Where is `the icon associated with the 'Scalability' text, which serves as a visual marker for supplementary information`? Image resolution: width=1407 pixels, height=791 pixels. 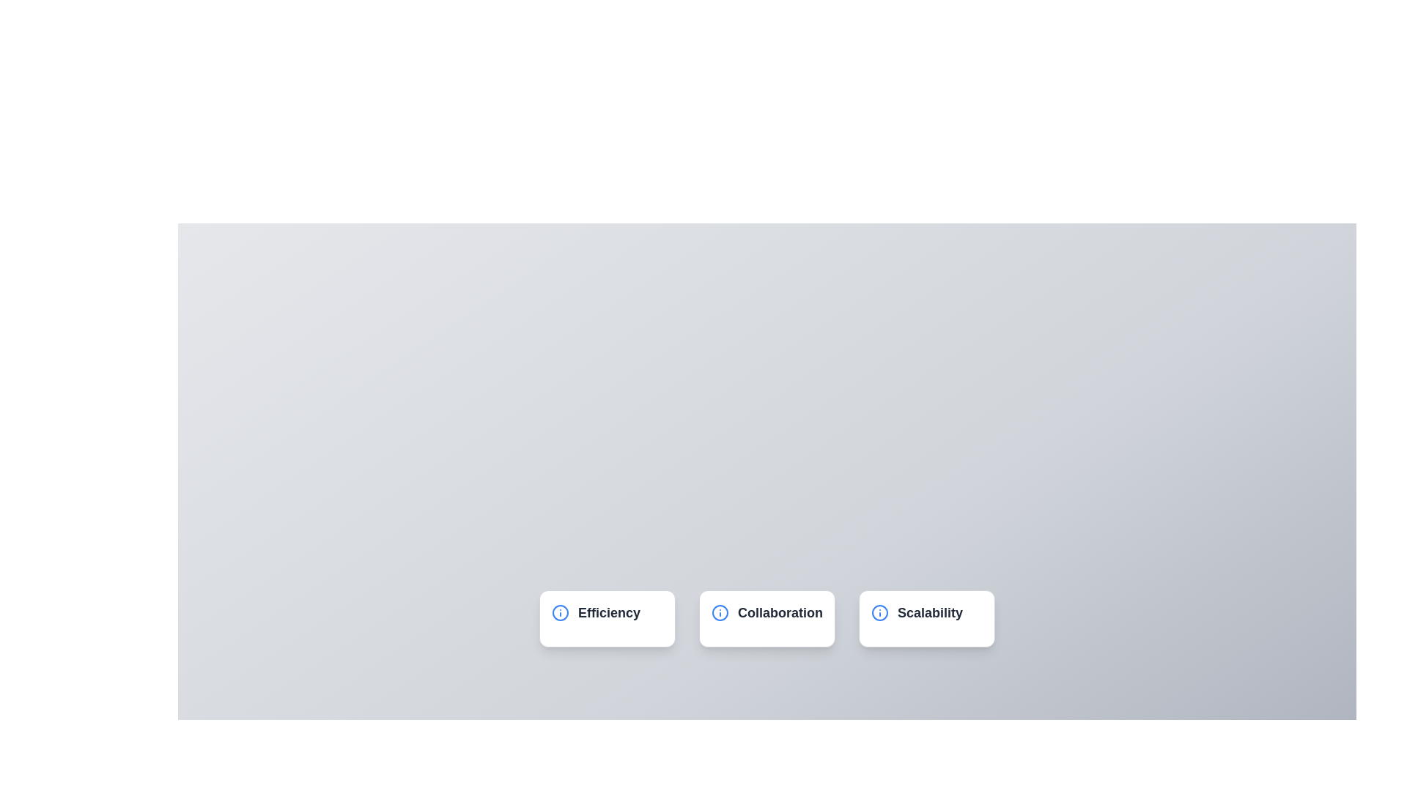
the icon associated with the 'Scalability' text, which serves as a visual marker for supplementary information is located at coordinates (879, 613).